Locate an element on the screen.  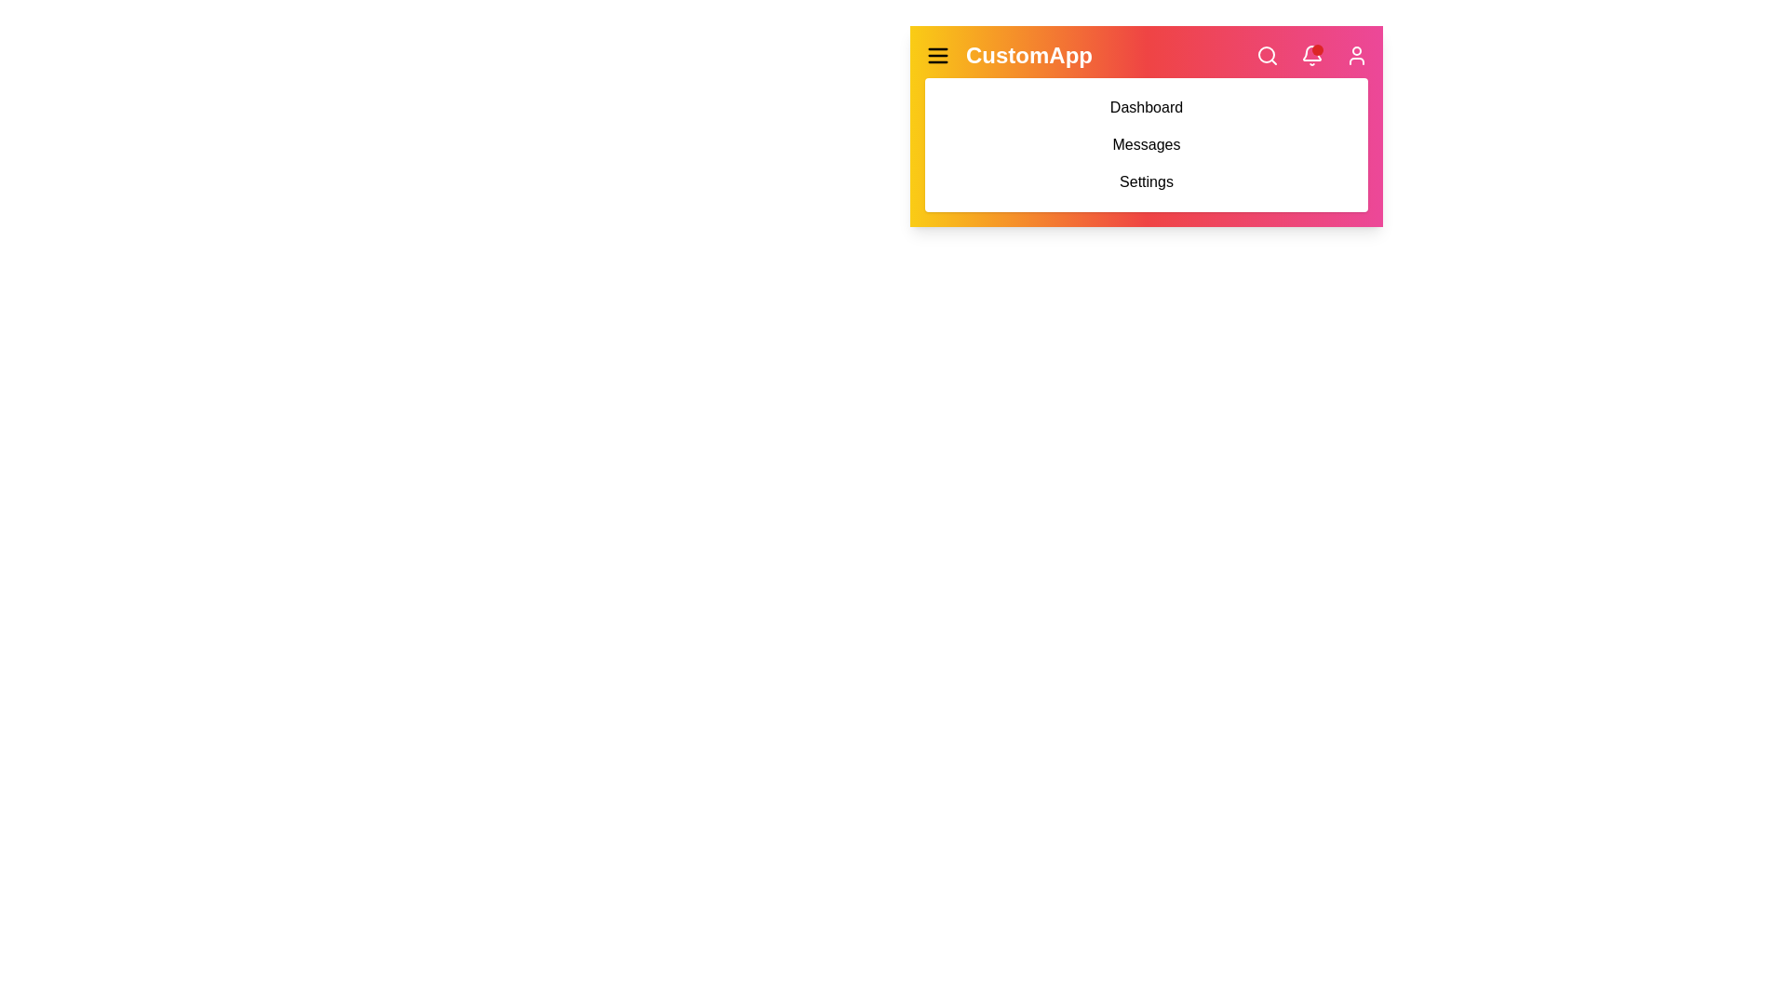
the user icon to access the user profile is located at coordinates (1357, 55).